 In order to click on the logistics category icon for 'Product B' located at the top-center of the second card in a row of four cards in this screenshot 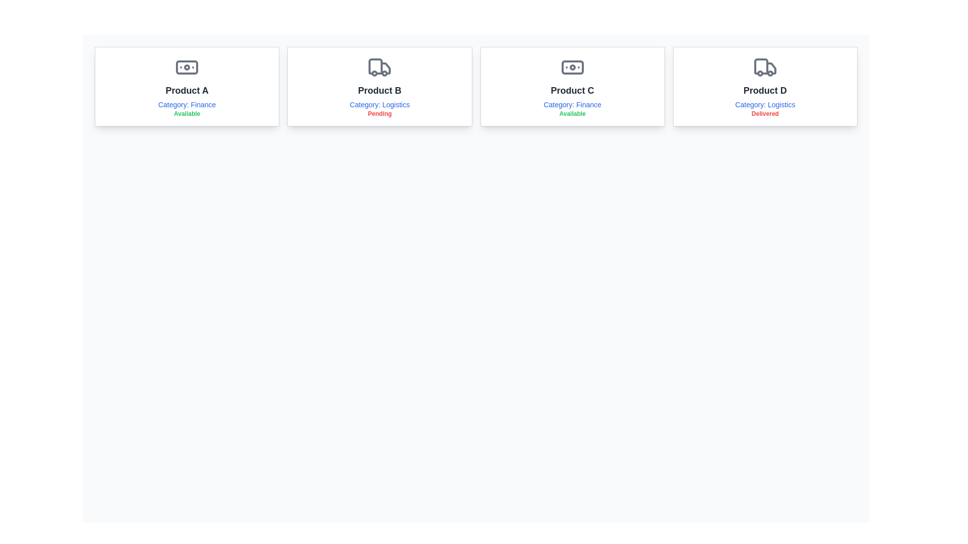, I will do `click(379, 67)`.